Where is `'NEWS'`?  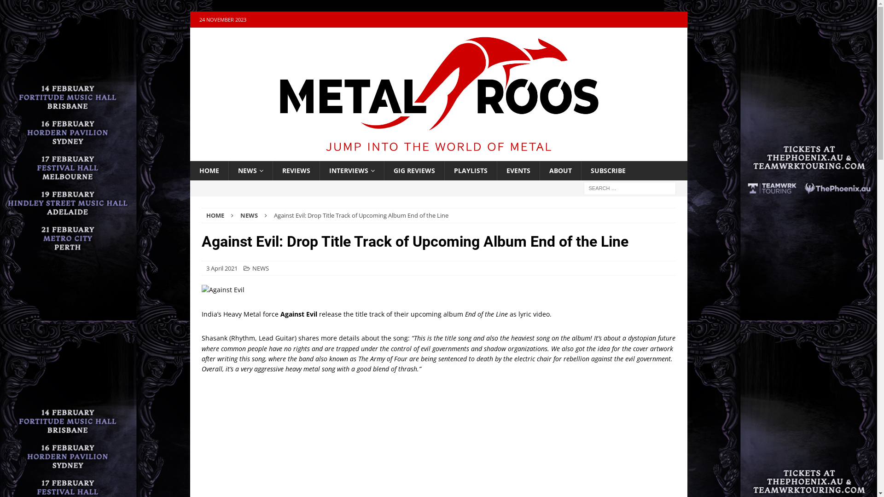 'NEWS' is located at coordinates (250, 170).